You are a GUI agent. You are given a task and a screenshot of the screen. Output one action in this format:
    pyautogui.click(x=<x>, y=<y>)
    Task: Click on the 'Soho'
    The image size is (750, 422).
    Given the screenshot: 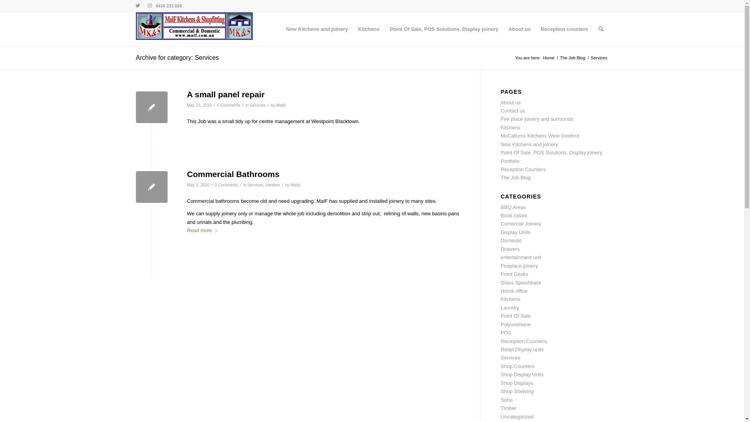 What is the action you would take?
    pyautogui.click(x=506, y=400)
    